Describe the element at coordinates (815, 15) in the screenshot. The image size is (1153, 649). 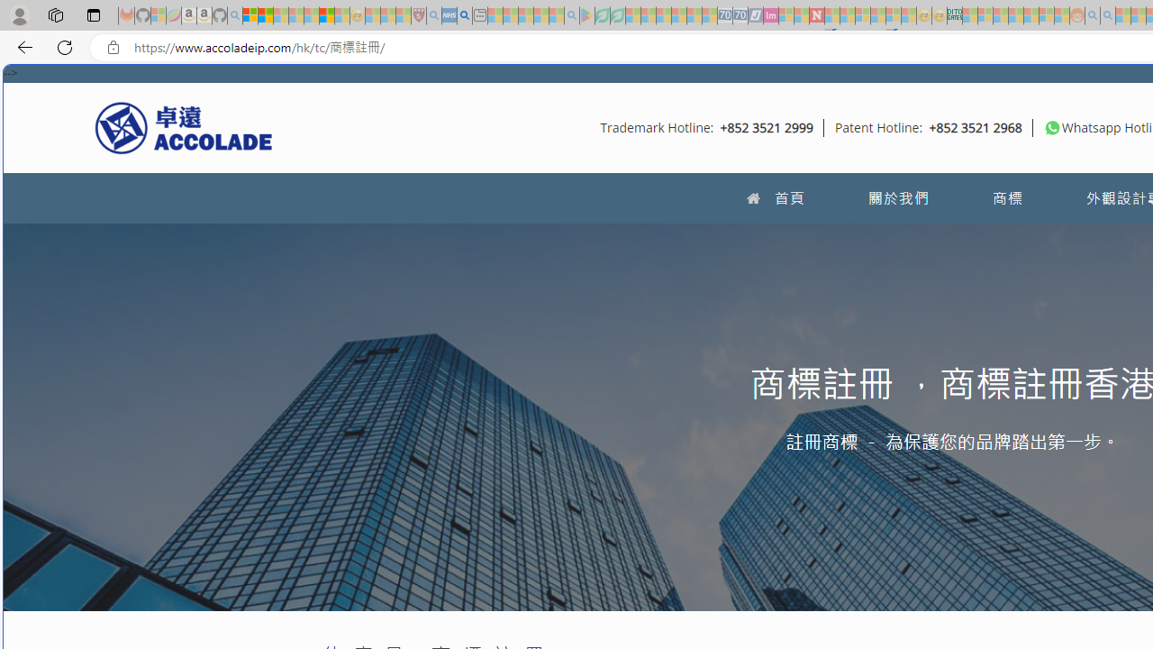
I see `'Latest Politics News & Archive | Newsweek.com - Sleeping'` at that location.